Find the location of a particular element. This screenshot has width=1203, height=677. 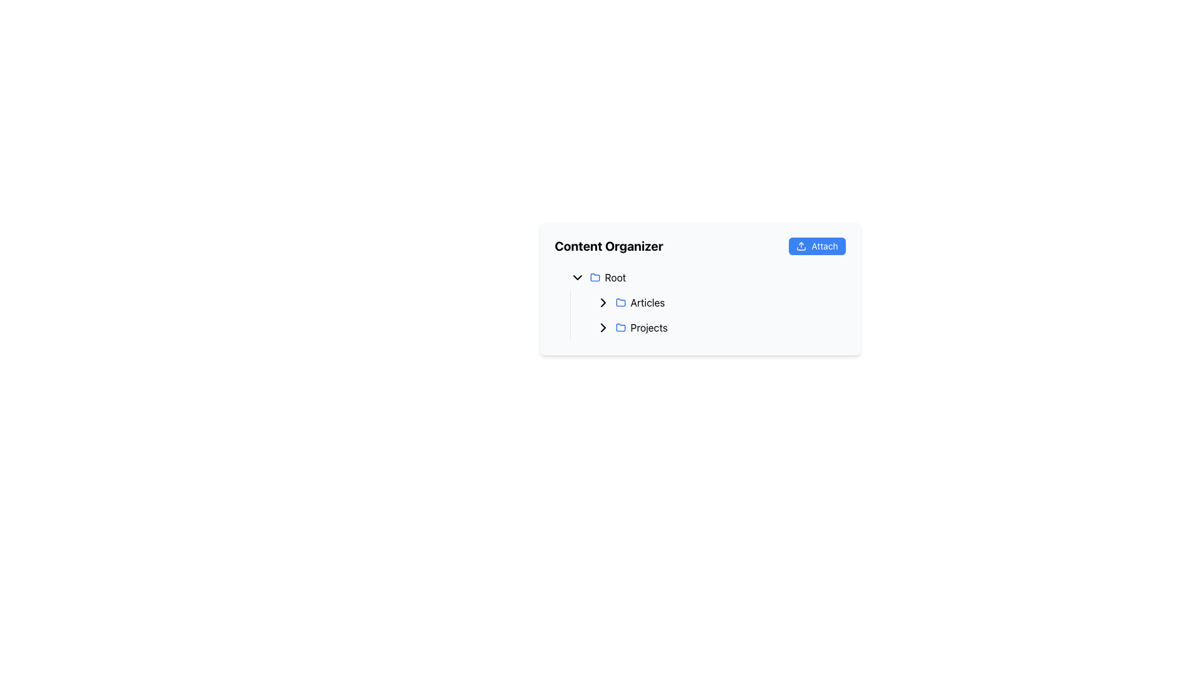

the blue folder icon located to the left of the 'Root' label is located at coordinates (594, 276).